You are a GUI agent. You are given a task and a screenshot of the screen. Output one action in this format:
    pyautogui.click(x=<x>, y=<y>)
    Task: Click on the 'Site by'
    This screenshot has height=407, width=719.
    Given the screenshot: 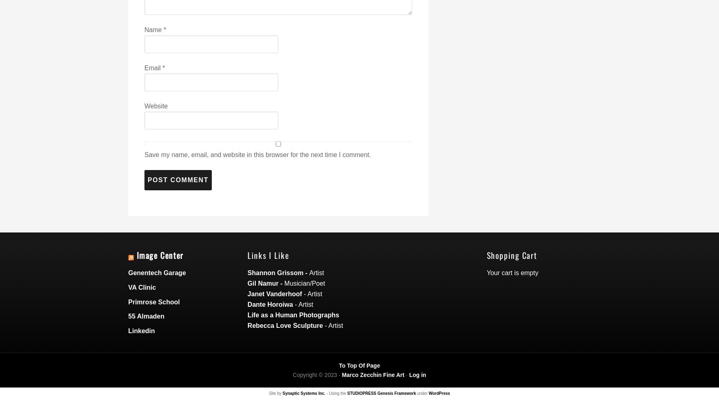 What is the action you would take?
    pyautogui.click(x=275, y=393)
    